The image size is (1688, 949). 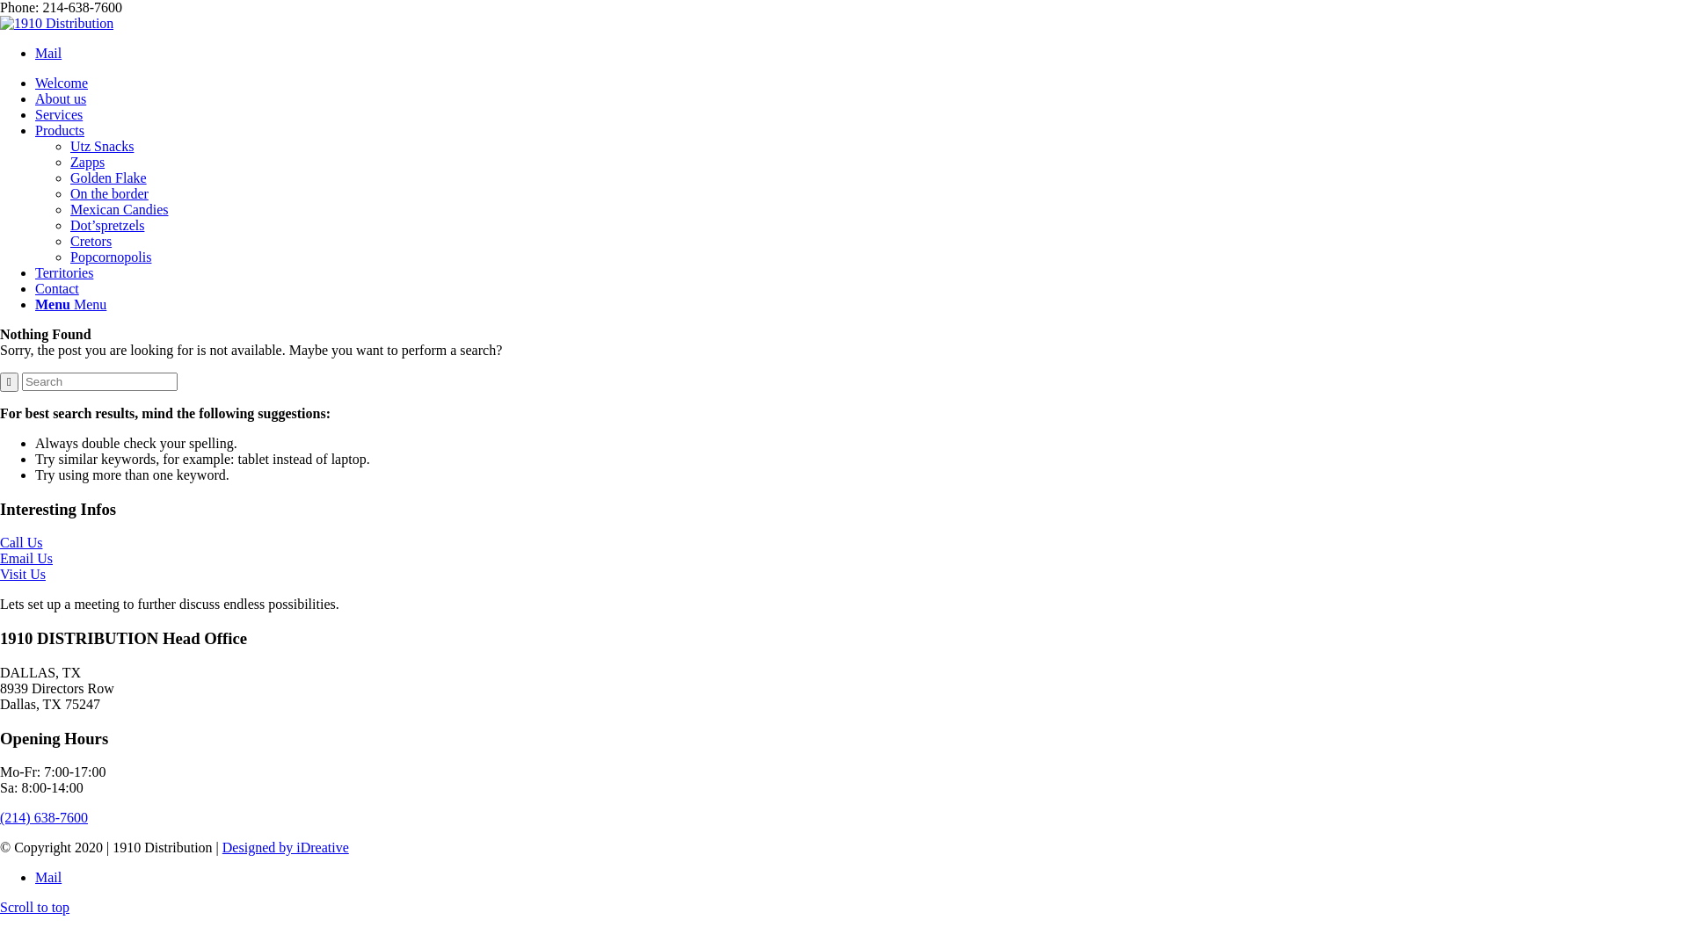 What do you see at coordinates (118, 208) in the screenshot?
I see `'Mexican Candies'` at bounding box center [118, 208].